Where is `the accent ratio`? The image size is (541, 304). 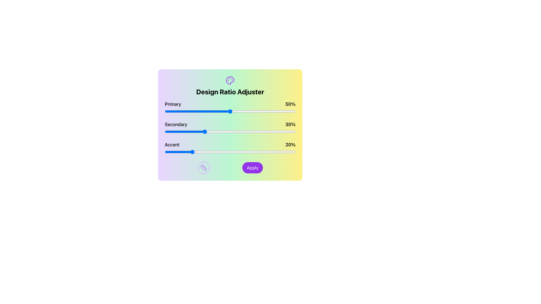 the accent ratio is located at coordinates (167, 152).